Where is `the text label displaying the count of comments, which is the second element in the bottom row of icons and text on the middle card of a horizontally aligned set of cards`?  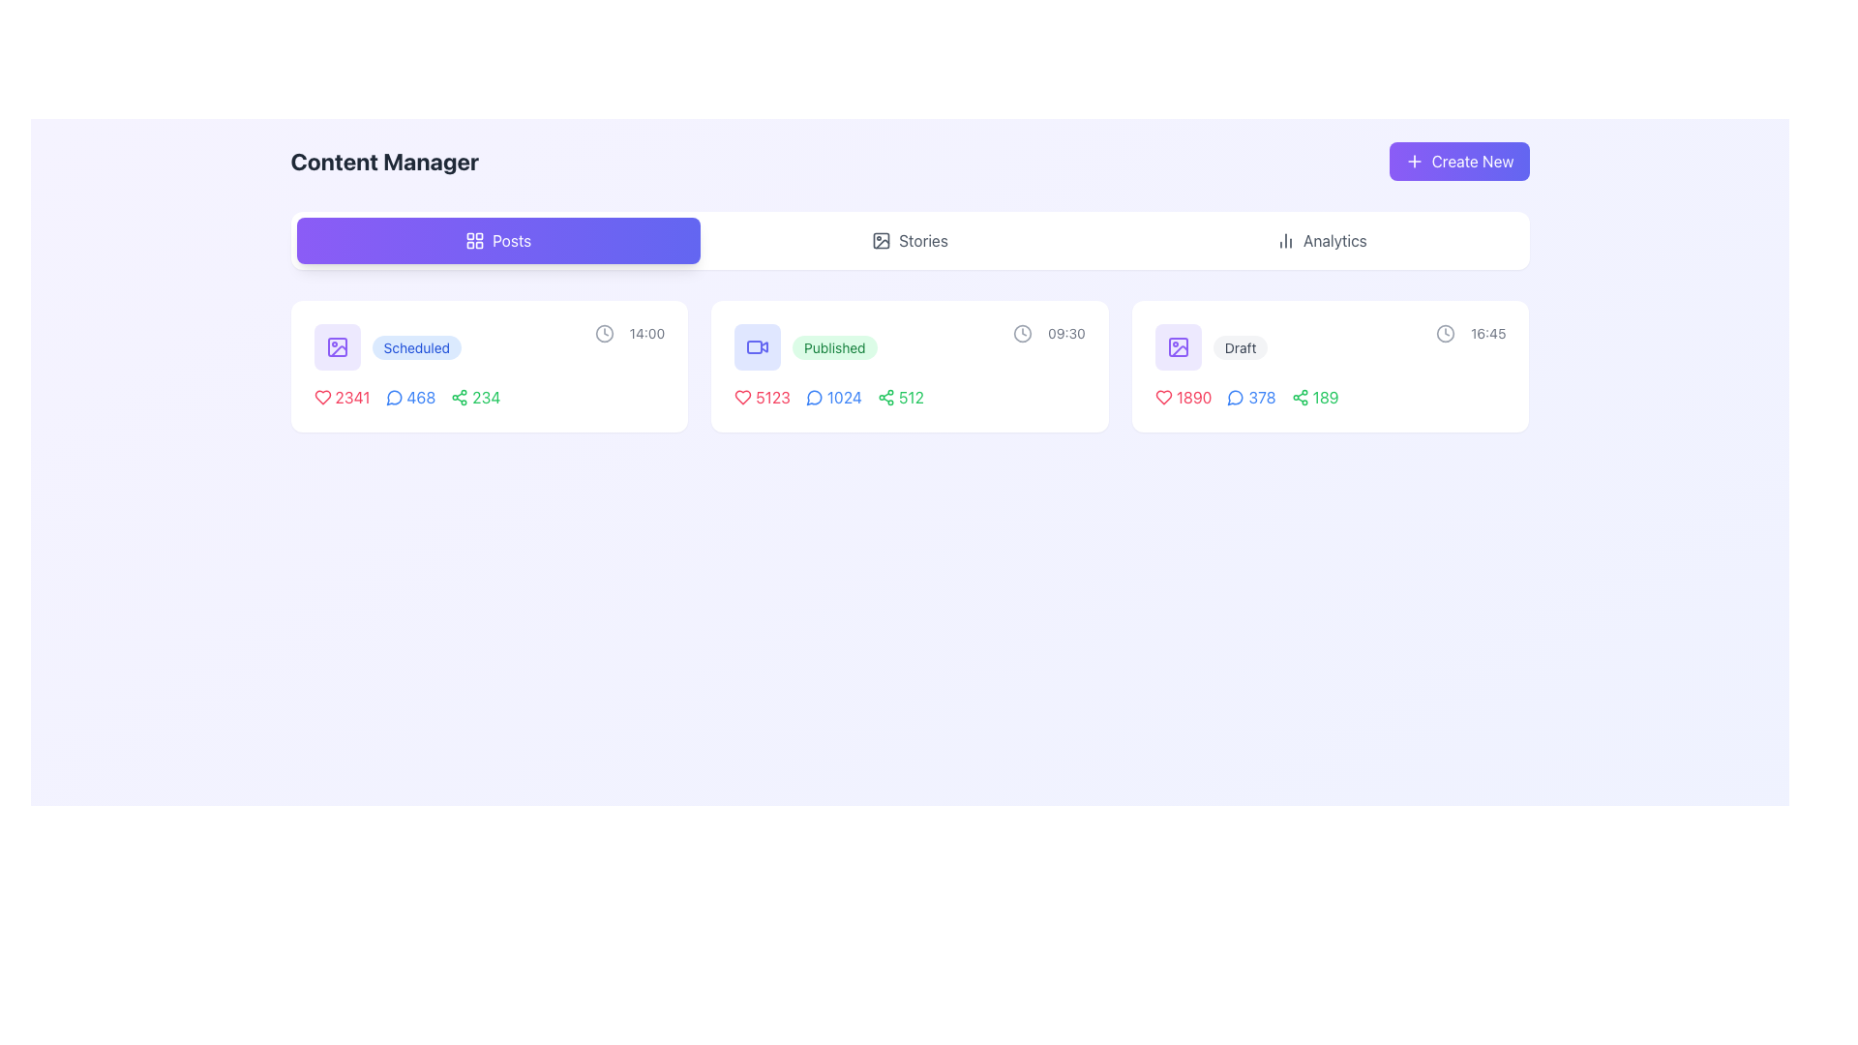 the text label displaying the count of comments, which is the second element in the bottom row of icons and text on the middle card of a horizontally aligned set of cards is located at coordinates (833, 397).